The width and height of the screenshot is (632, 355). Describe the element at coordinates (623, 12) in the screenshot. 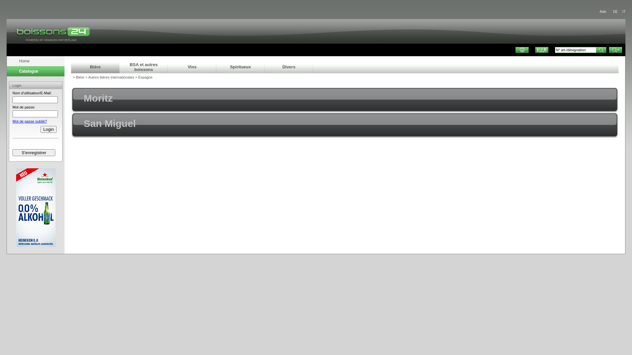

I see `'IT'` at that location.